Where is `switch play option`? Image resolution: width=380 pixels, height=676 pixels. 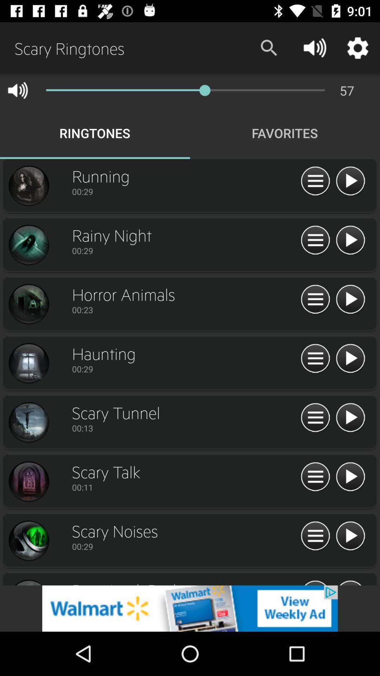 switch play option is located at coordinates (350, 418).